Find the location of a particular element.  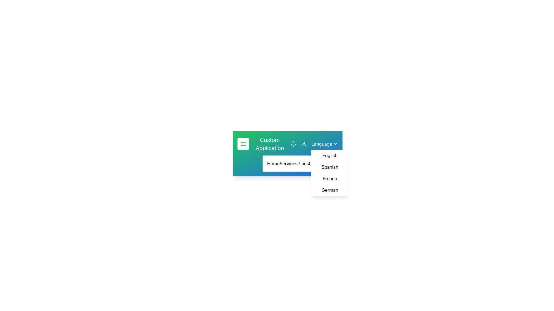

the 'German' option in the dropdown menu is located at coordinates (330, 190).